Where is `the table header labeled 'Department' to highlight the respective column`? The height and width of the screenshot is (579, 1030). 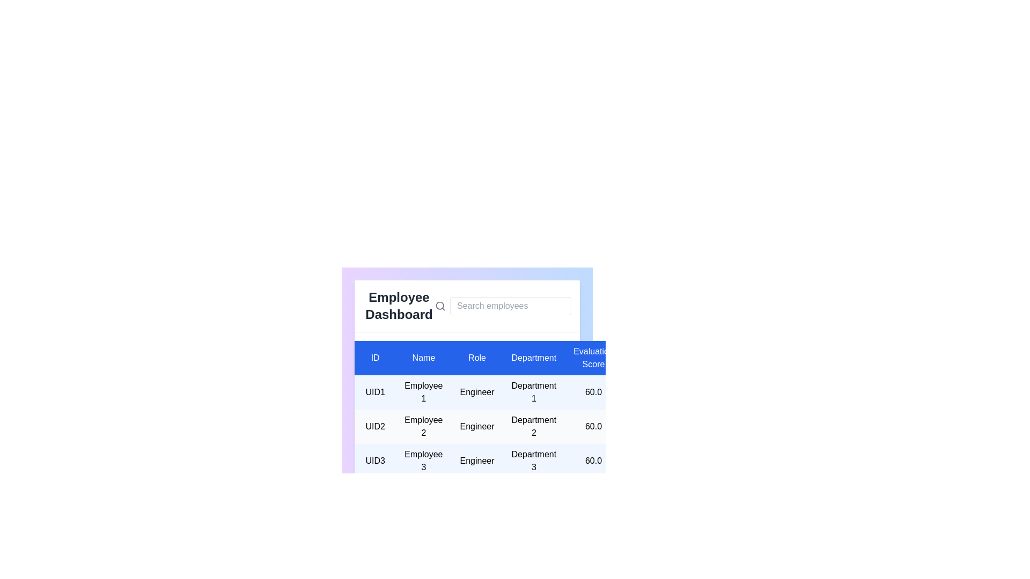
the table header labeled 'Department' to highlight the respective column is located at coordinates (534, 358).